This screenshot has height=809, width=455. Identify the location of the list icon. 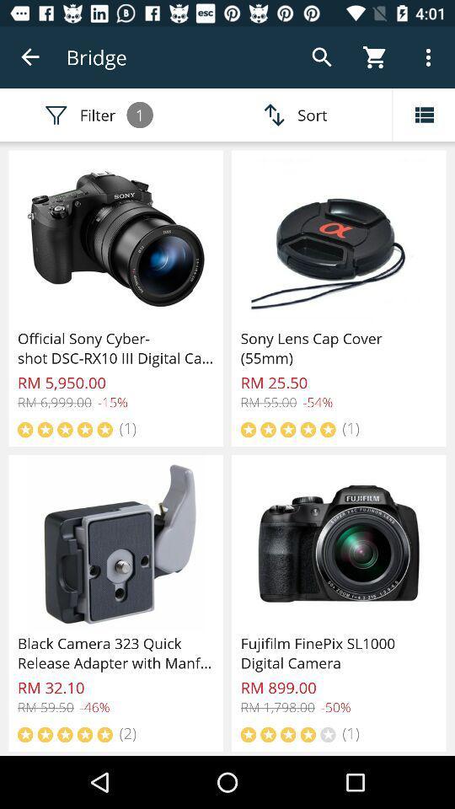
(423, 114).